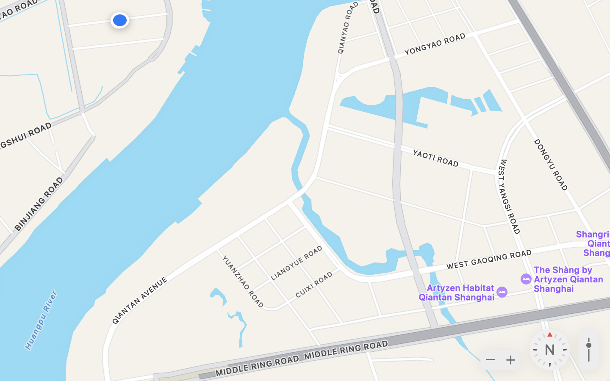 This screenshot has width=610, height=381. What do you see at coordinates (550, 350) in the screenshot?
I see `'Heading: 0 degrees North'` at bounding box center [550, 350].